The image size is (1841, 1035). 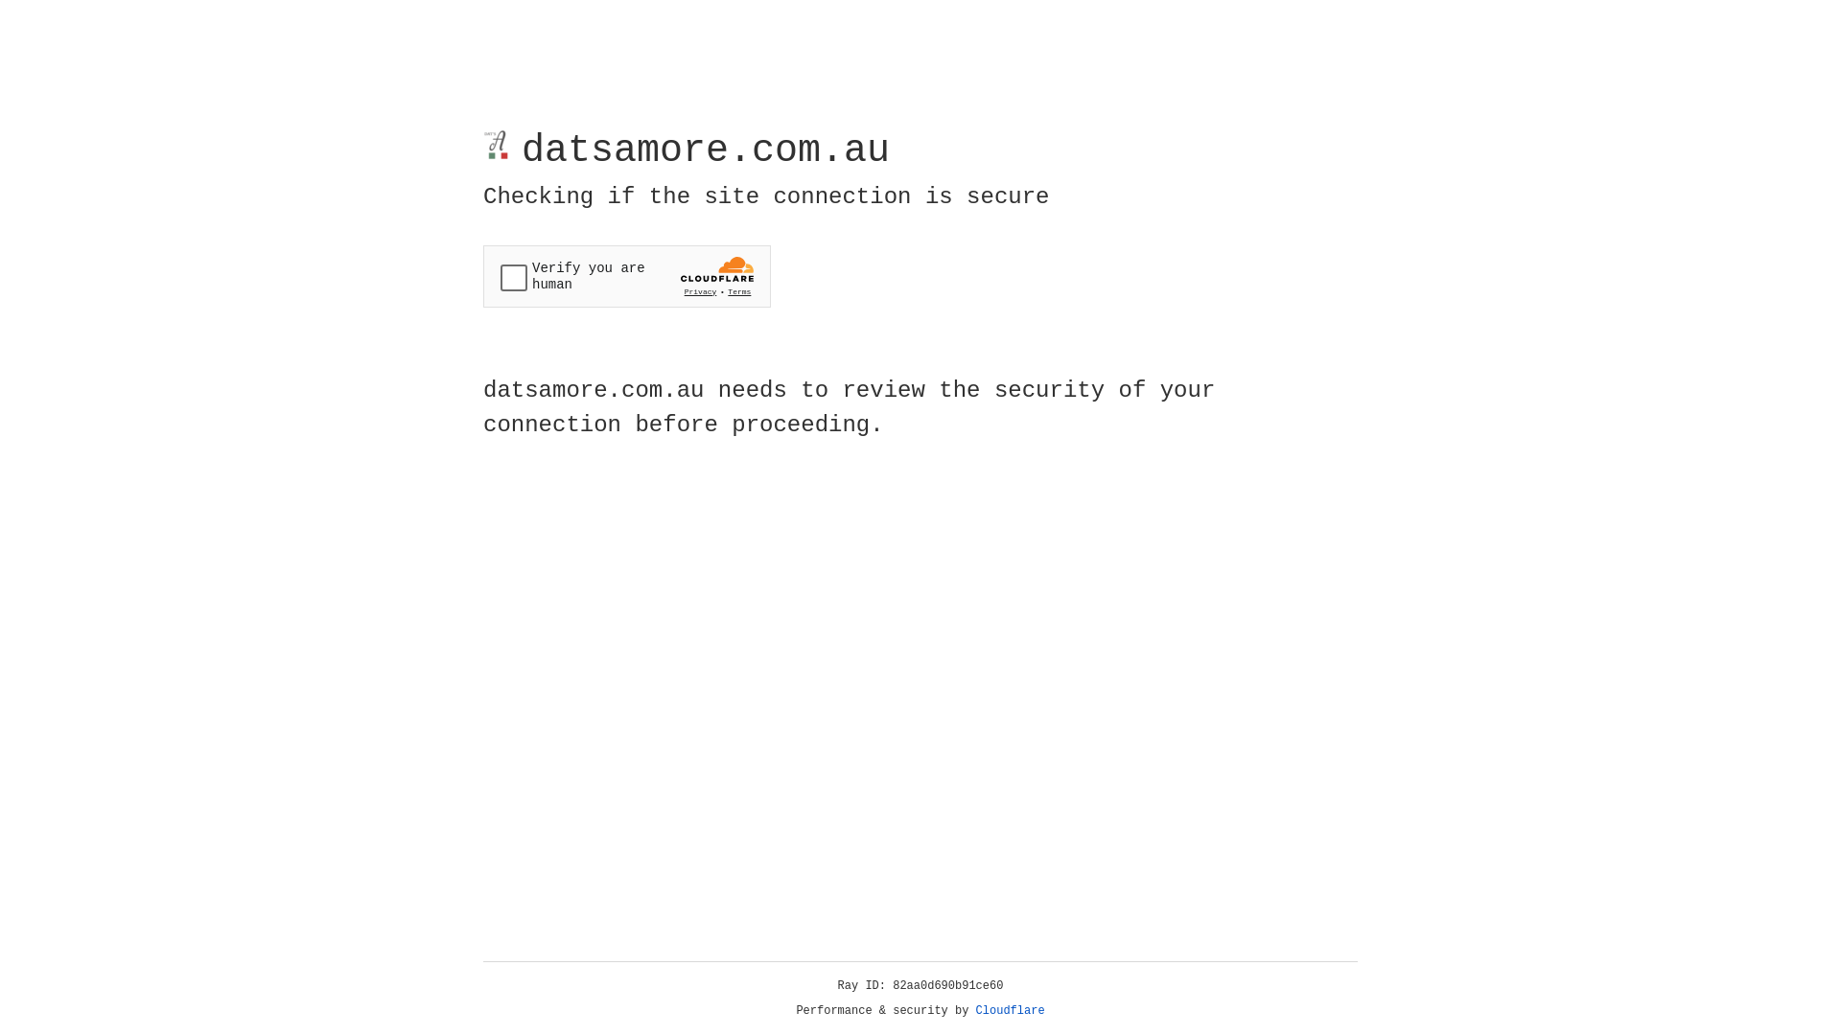 I want to click on 'Cloudflare', so click(x=975, y=1010).